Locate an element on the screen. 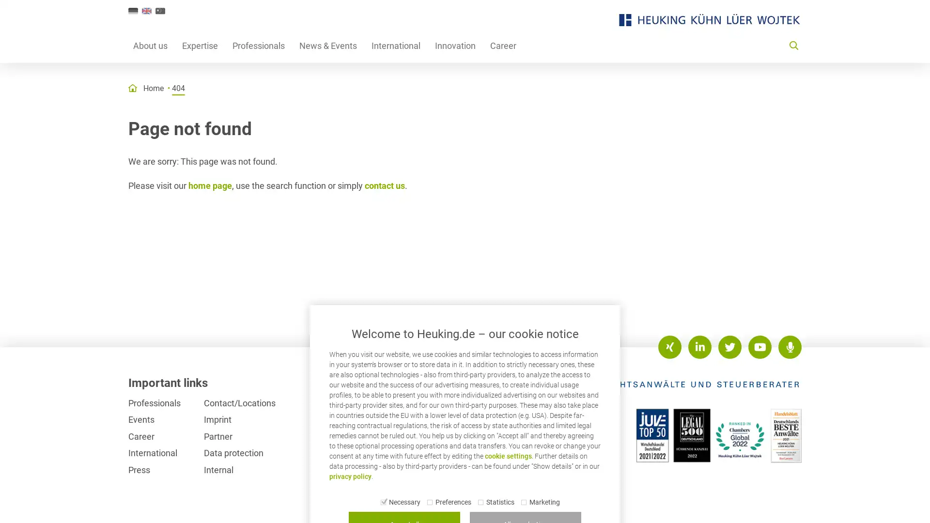  LinkedIn is located at coordinates (699, 346).